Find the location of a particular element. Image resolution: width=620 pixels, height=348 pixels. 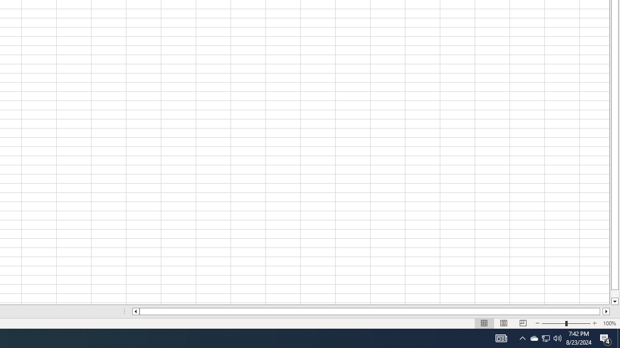

'Zoom In' is located at coordinates (594, 323).